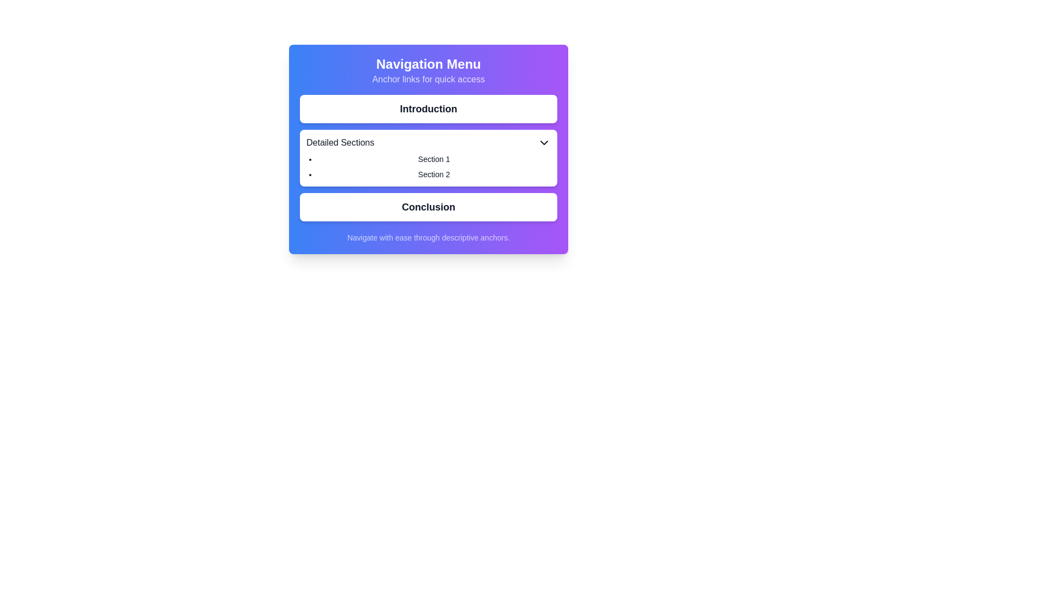  What do you see at coordinates (434, 174) in the screenshot?
I see `the hyperlink labeled 'Section 2' in the 'Detailed Sections' group to observe the underline effect` at bounding box center [434, 174].